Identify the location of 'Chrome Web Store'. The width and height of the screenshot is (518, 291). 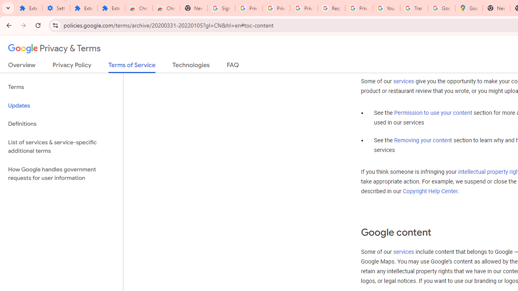
(139, 8).